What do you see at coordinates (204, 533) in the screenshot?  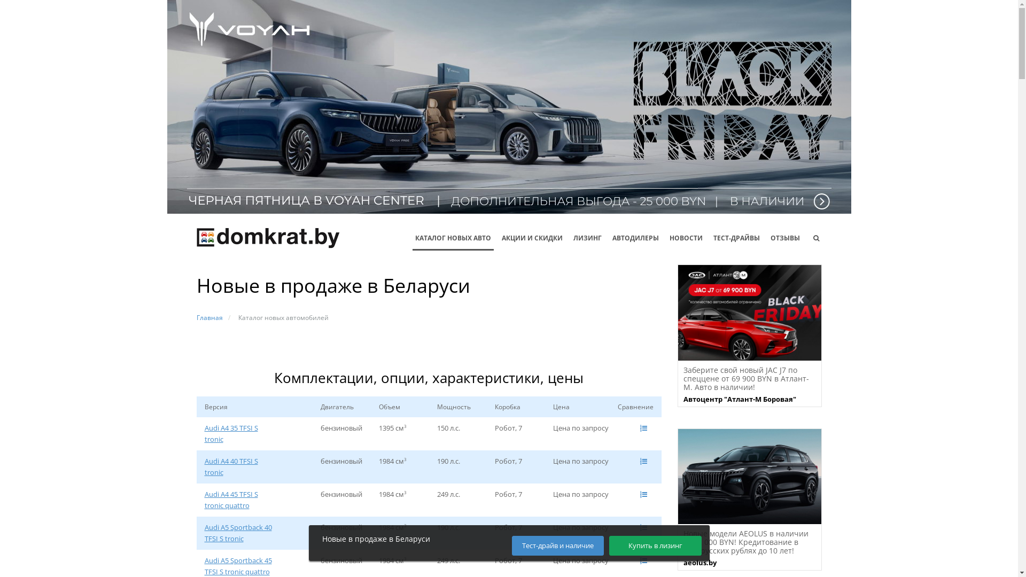 I see `'Audi A5 Sportback 40 TFSI S tronic'` at bounding box center [204, 533].